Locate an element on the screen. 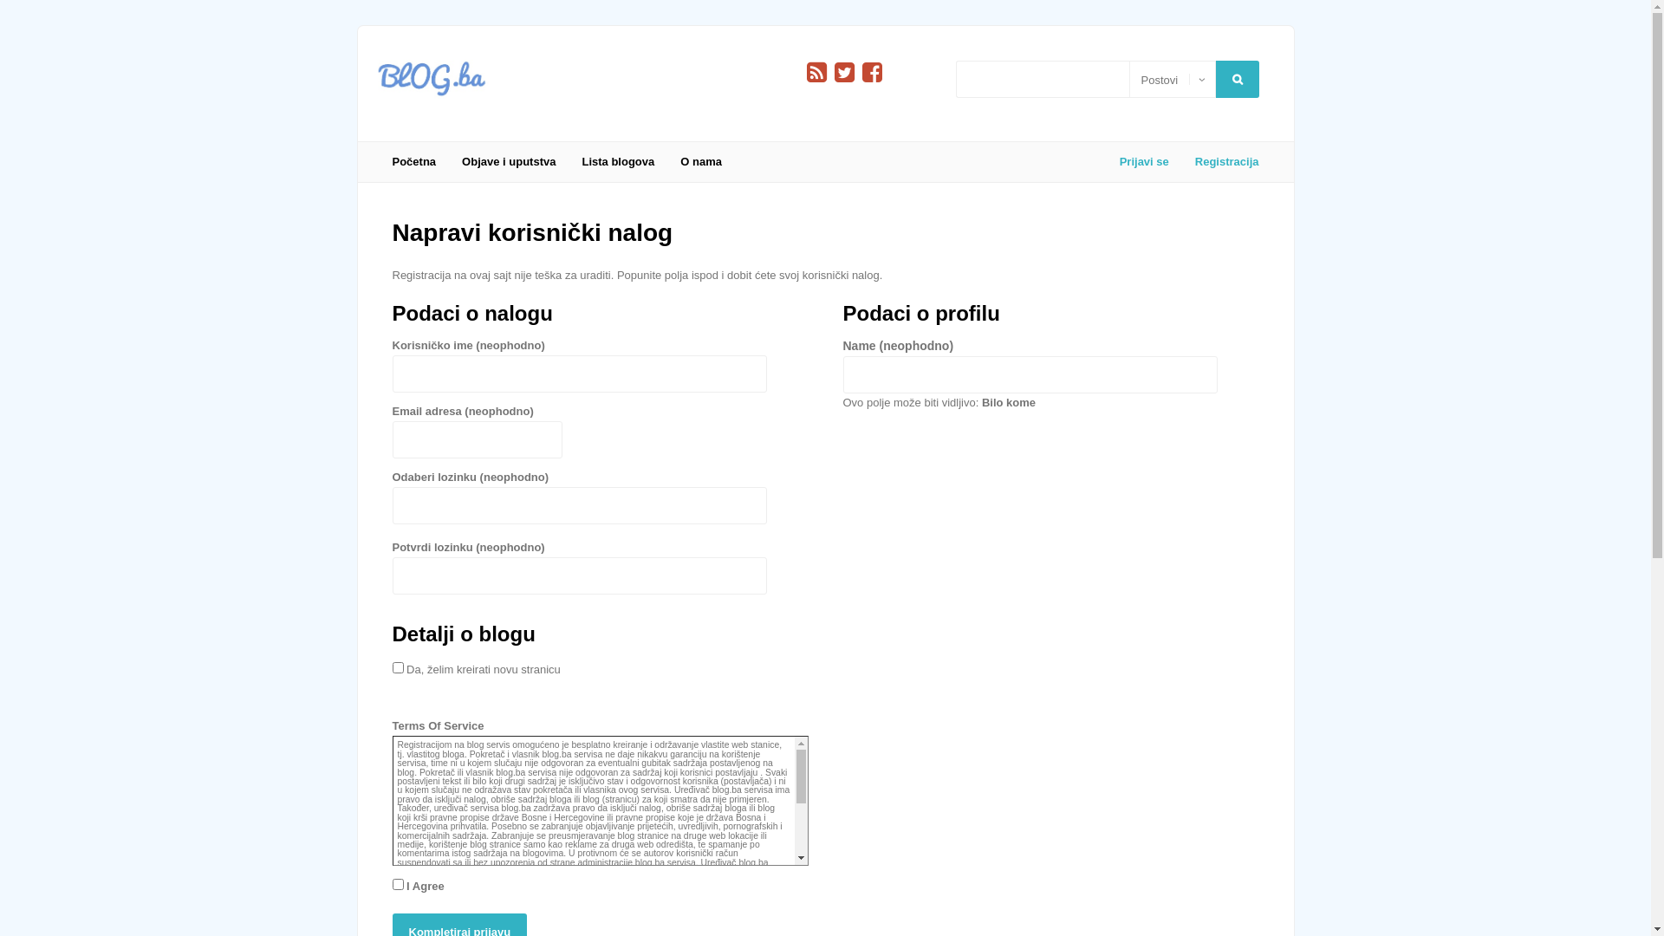 The image size is (1664, 936). 'Prijavi se' is located at coordinates (1144, 161).